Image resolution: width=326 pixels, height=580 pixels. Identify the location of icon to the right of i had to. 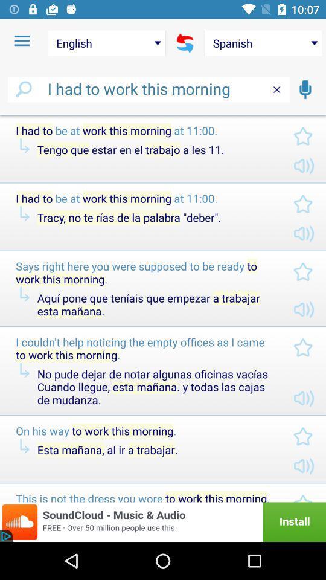
(304, 89).